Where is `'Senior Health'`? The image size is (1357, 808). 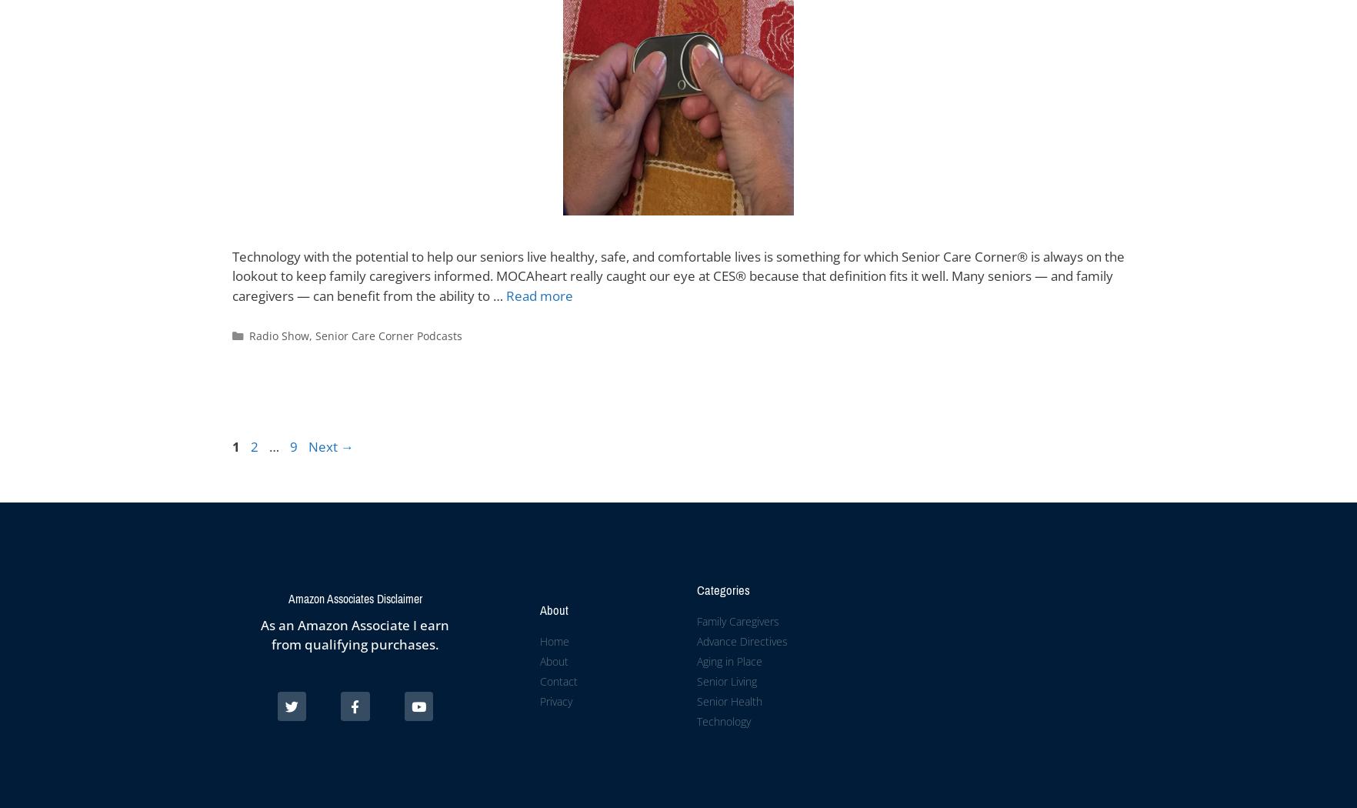 'Senior Health' is located at coordinates (728, 700).